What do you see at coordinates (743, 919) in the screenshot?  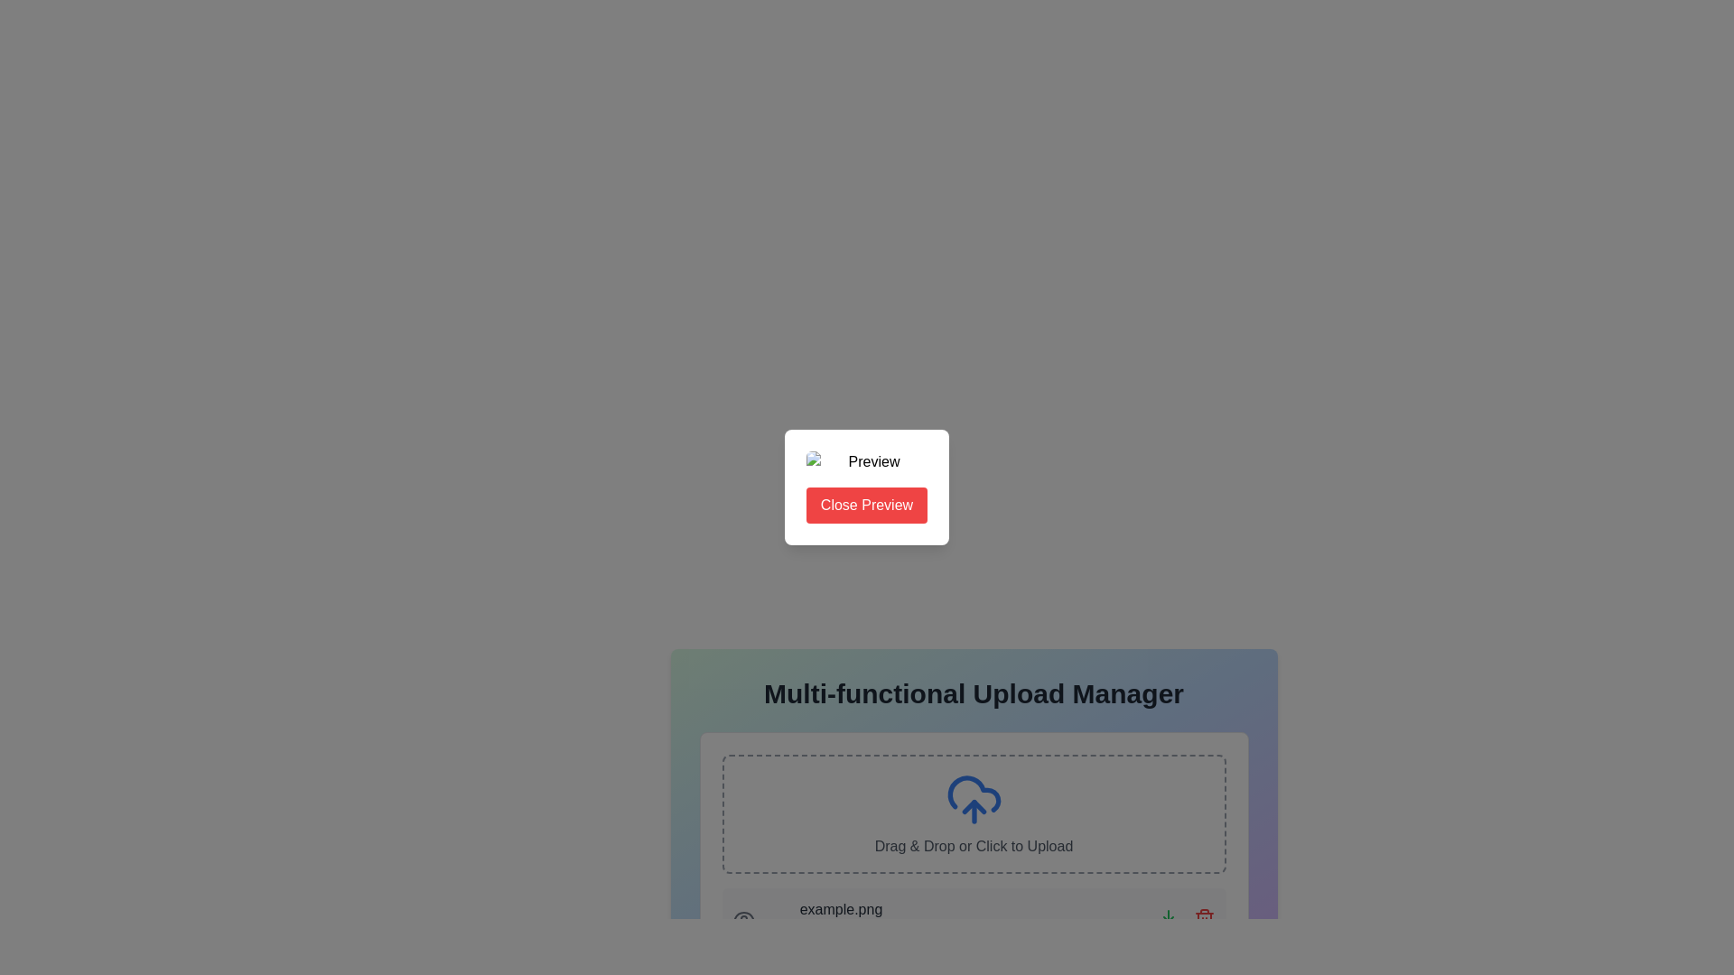 I see `the eye icon button located to the left of the text 'example.png 2.0 KB'` at bounding box center [743, 919].